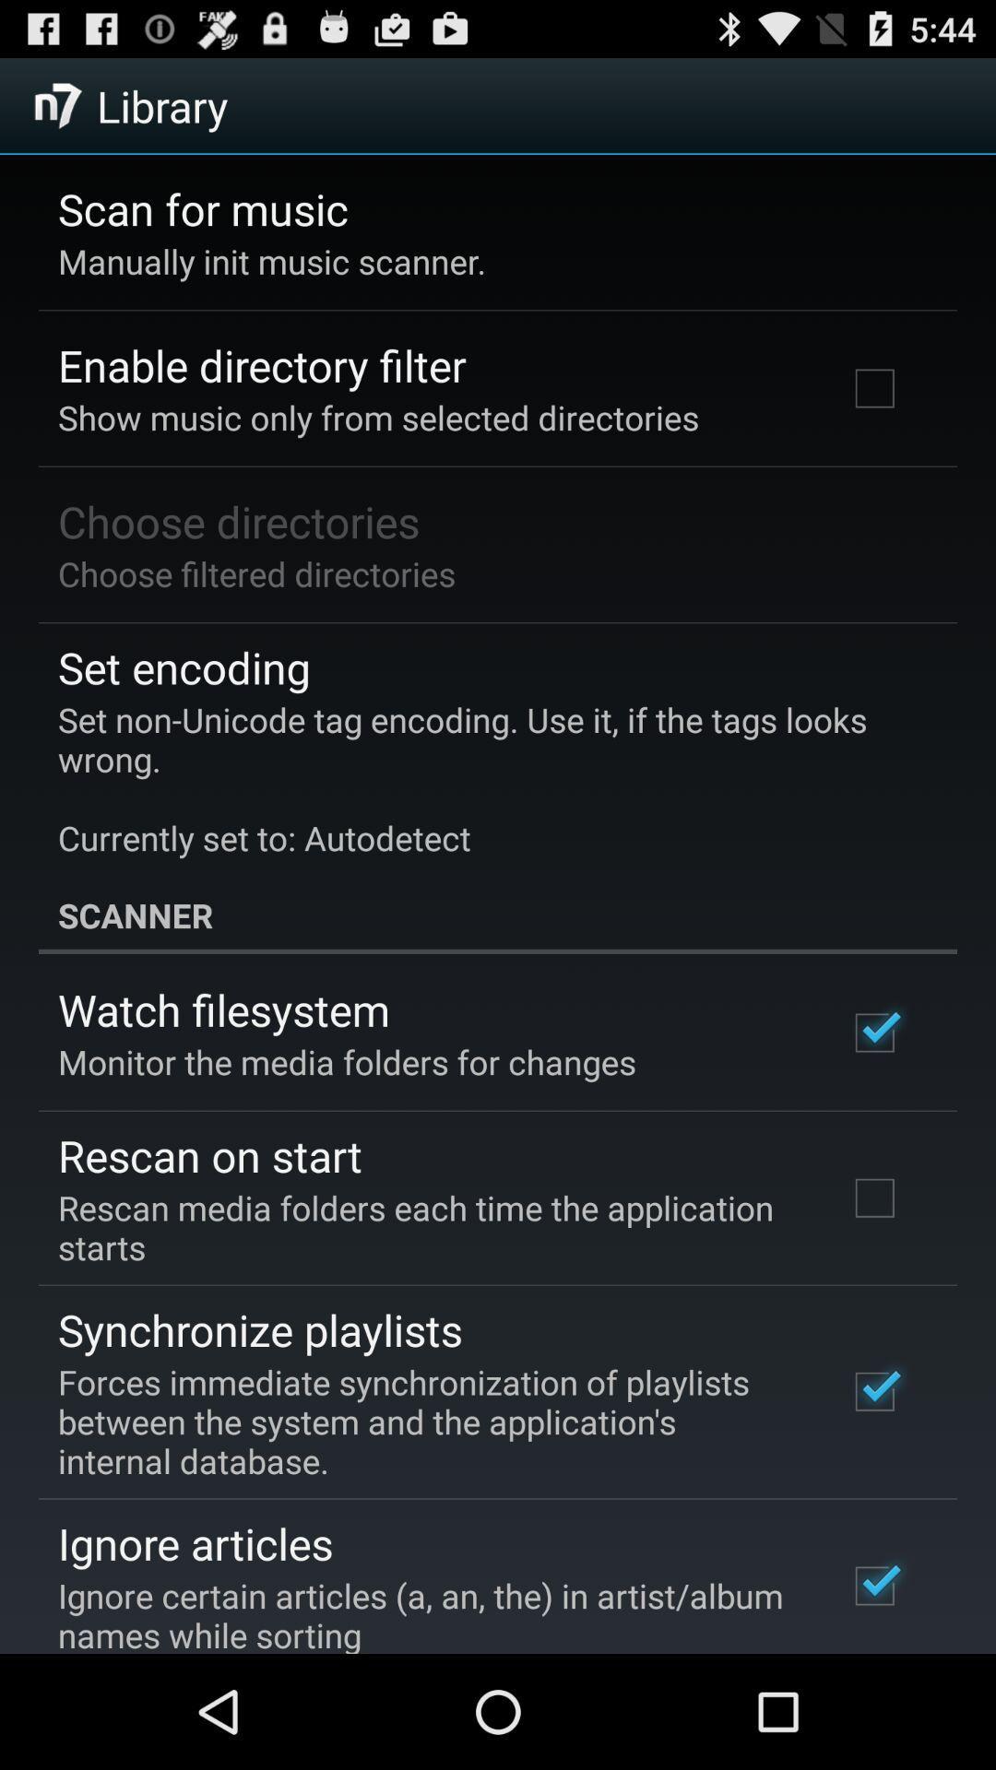 The width and height of the screenshot is (996, 1770). What do you see at coordinates (377, 416) in the screenshot?
I see `show music only at the top` at bounding box center [377, 416].